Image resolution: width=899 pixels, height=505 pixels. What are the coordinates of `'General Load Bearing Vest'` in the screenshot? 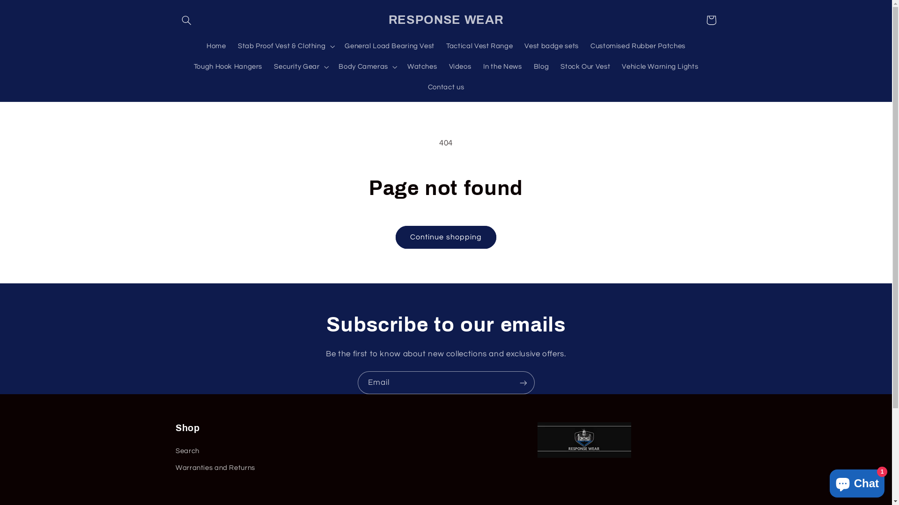 It's located at (390, 46).